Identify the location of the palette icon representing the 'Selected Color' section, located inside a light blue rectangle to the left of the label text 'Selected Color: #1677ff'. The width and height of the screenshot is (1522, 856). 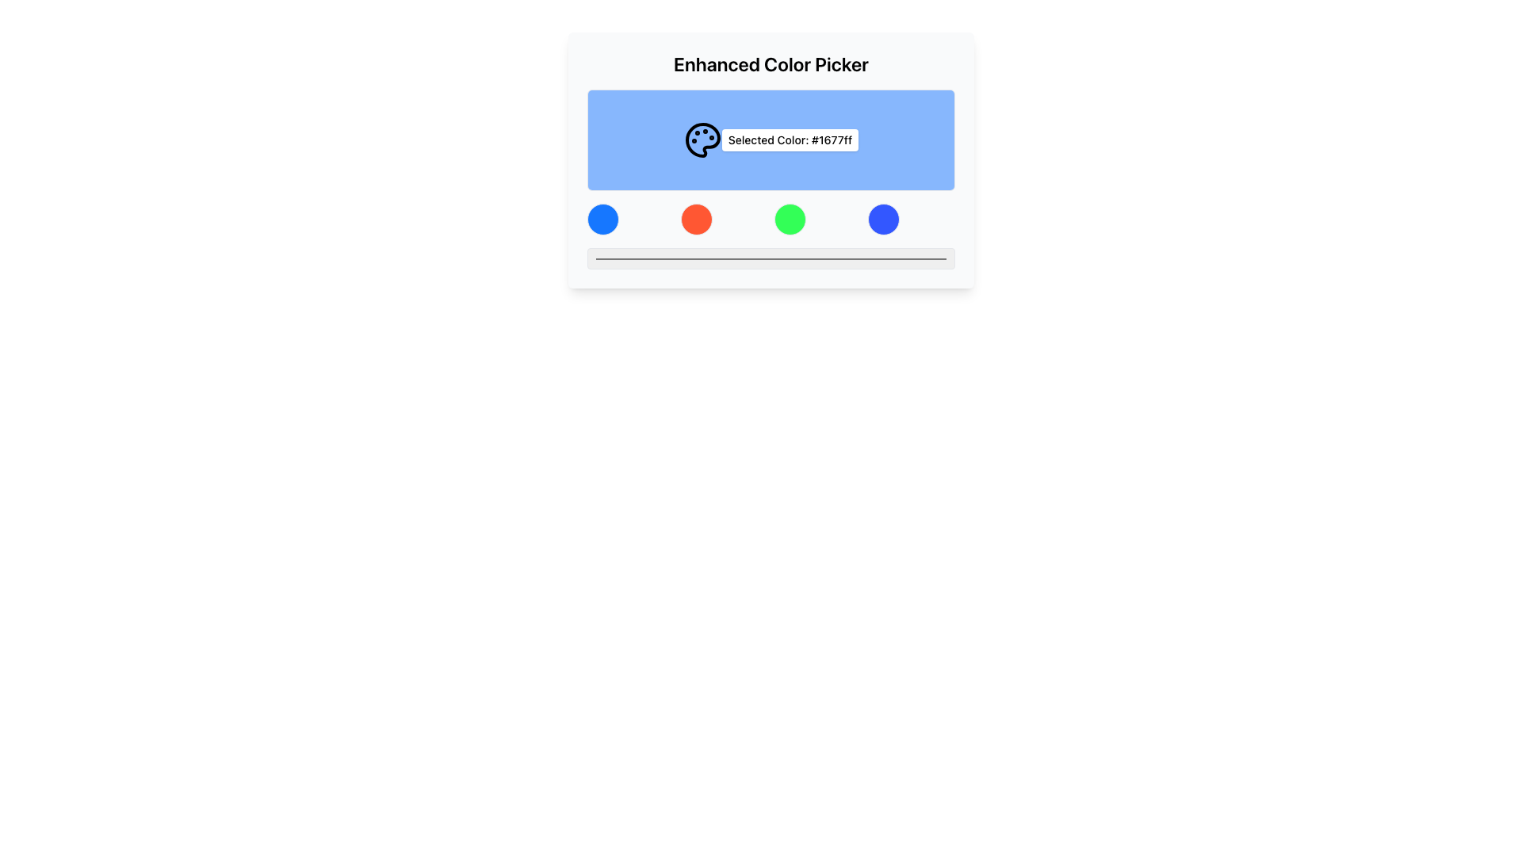
(702, 139).